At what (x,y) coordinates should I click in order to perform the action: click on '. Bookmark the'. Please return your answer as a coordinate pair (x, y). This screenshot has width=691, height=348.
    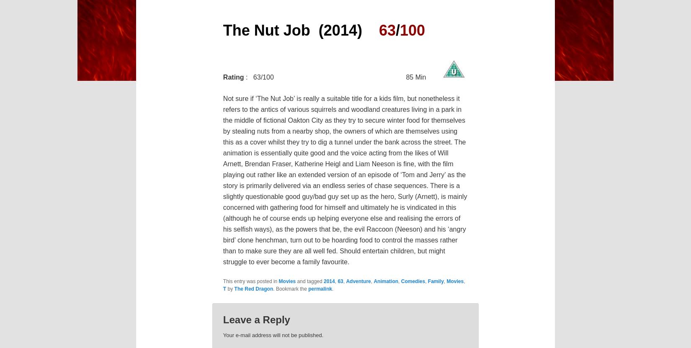
    Looking at the image, I should click on (290, 289).